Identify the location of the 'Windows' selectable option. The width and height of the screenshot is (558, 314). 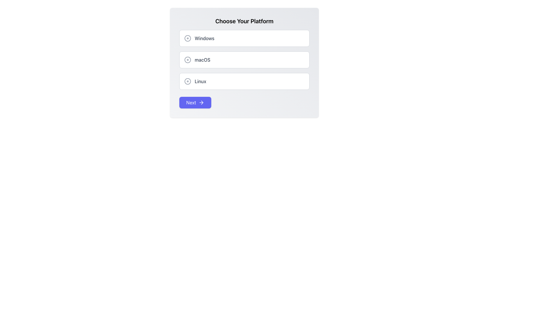
(244, 38).